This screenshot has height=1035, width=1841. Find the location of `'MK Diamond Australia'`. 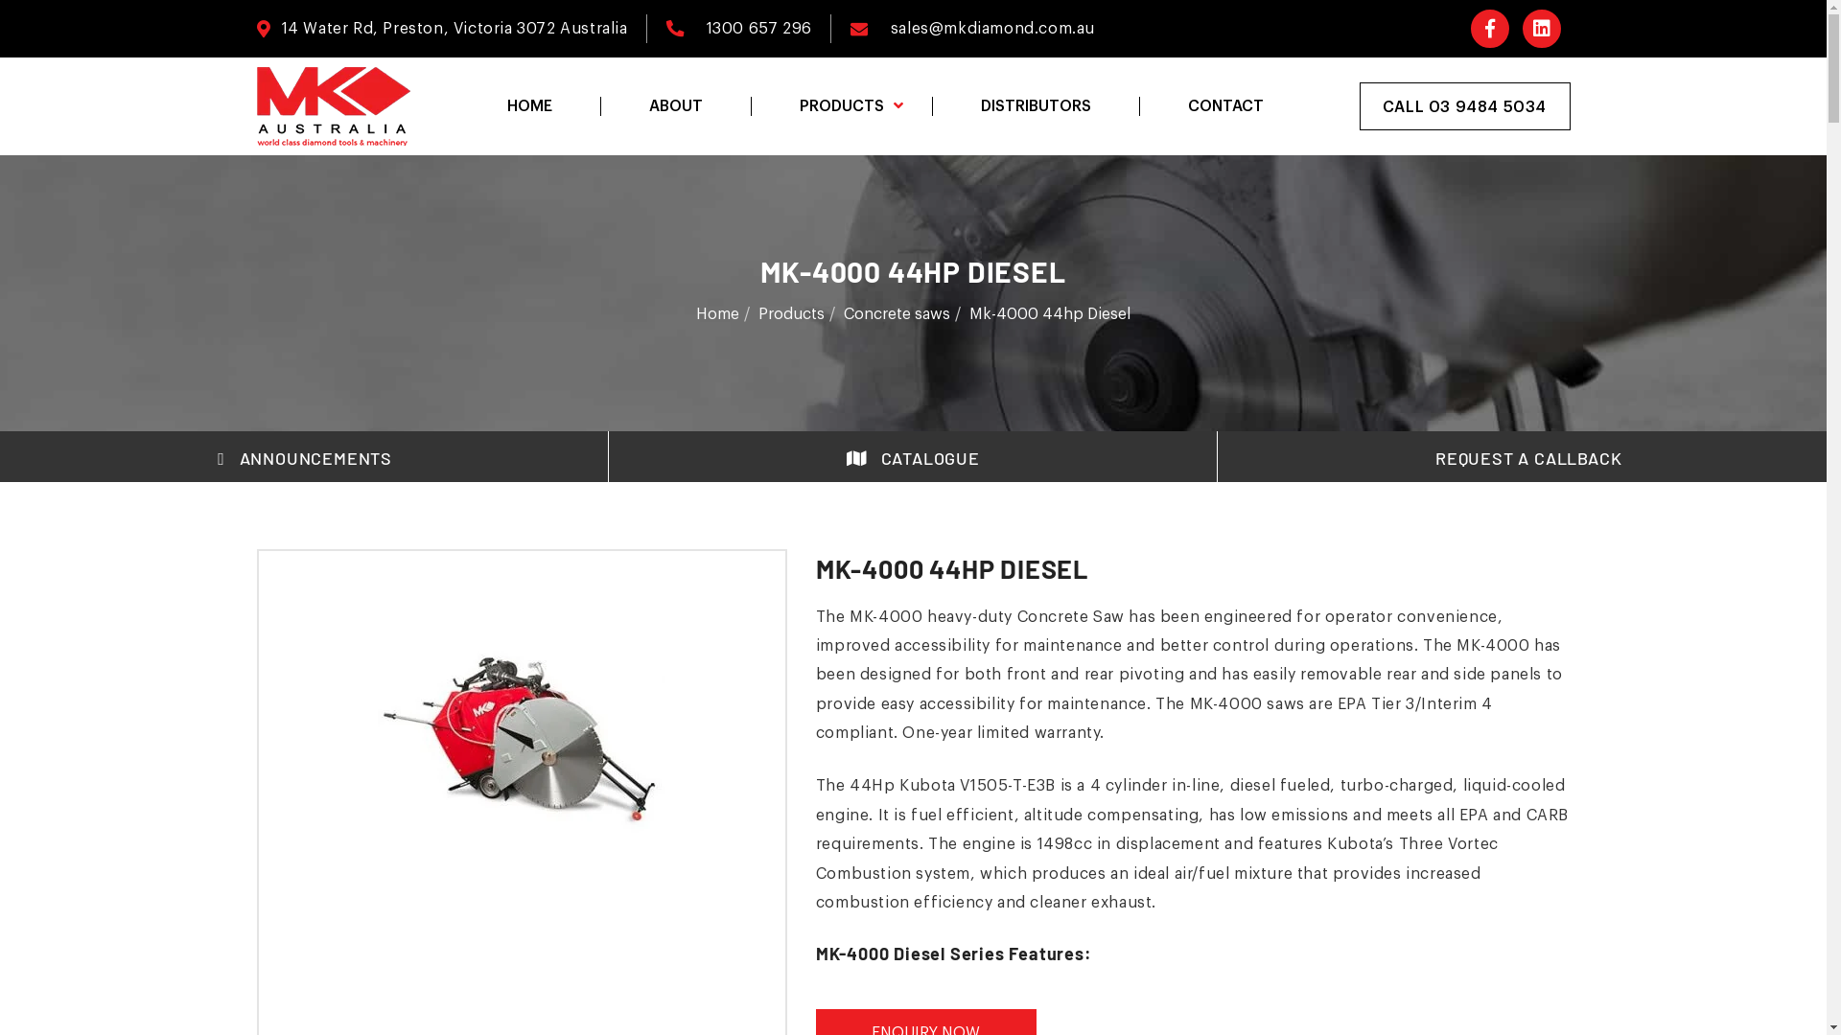

'MK Diamond Australia' is located at coordinates (334, 106).